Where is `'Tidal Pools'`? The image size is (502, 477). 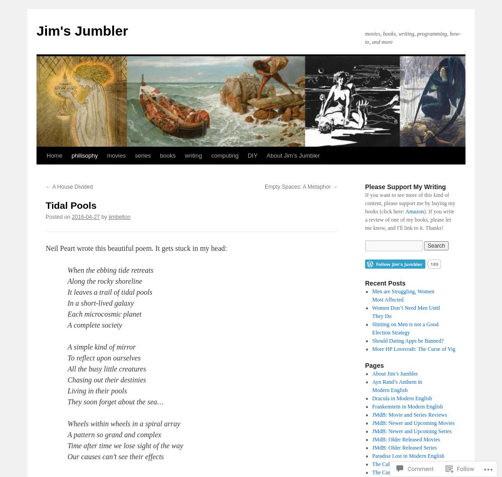
'Tidal Pools' is located at coordinates (70, 205).